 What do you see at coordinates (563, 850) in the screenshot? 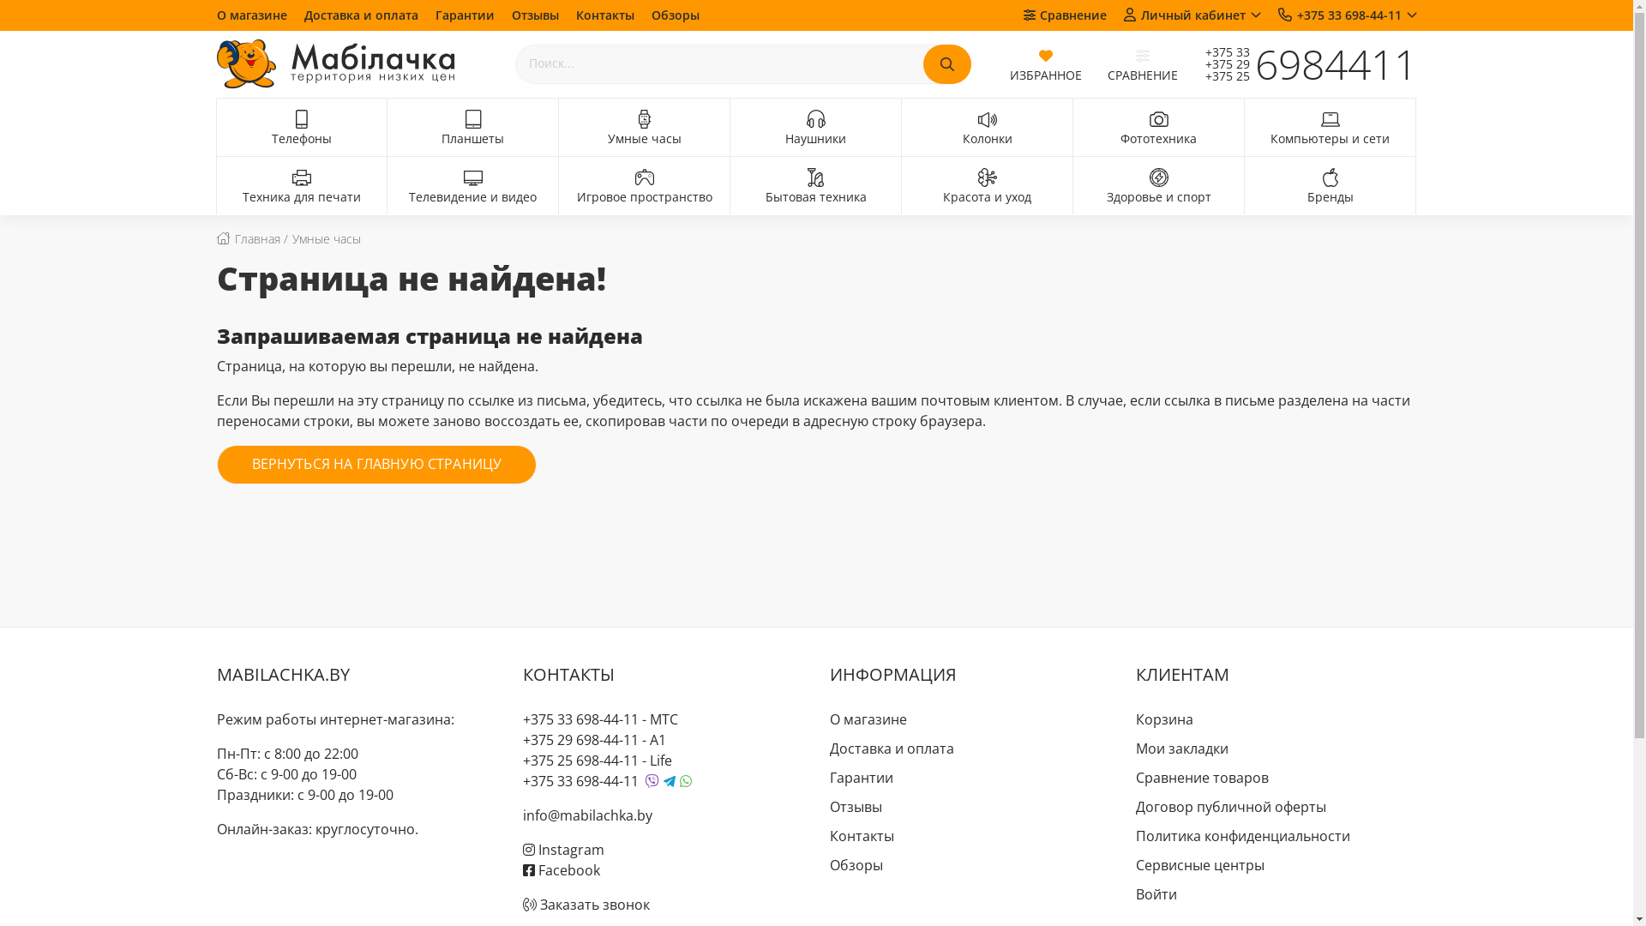
I see `'Instagram'` at bounding box center [563, 850].